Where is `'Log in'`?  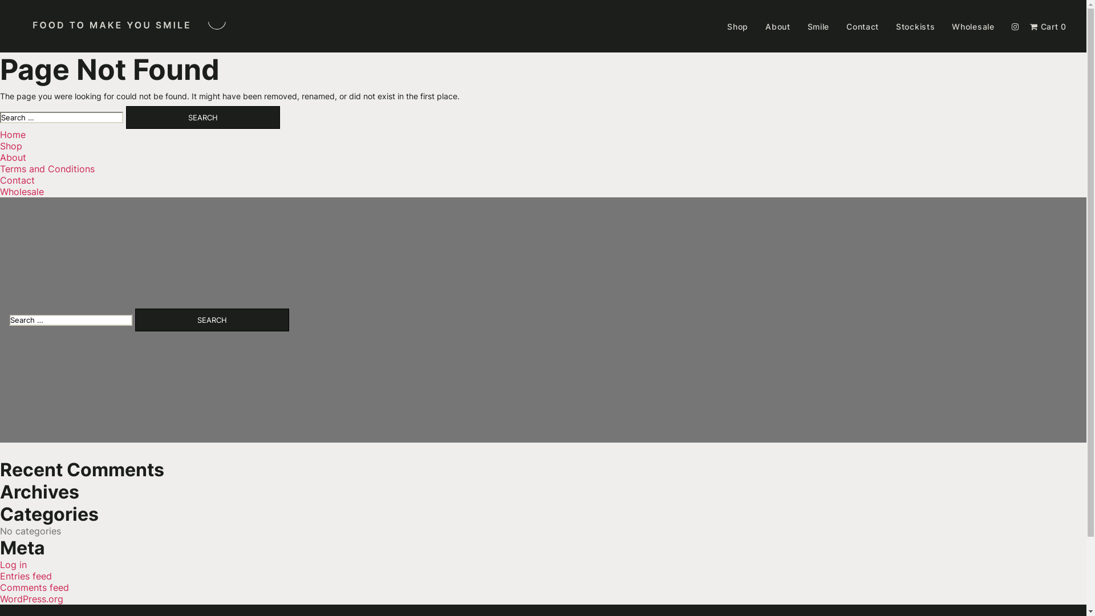
'Log in' is located at coordinates (13, 565).